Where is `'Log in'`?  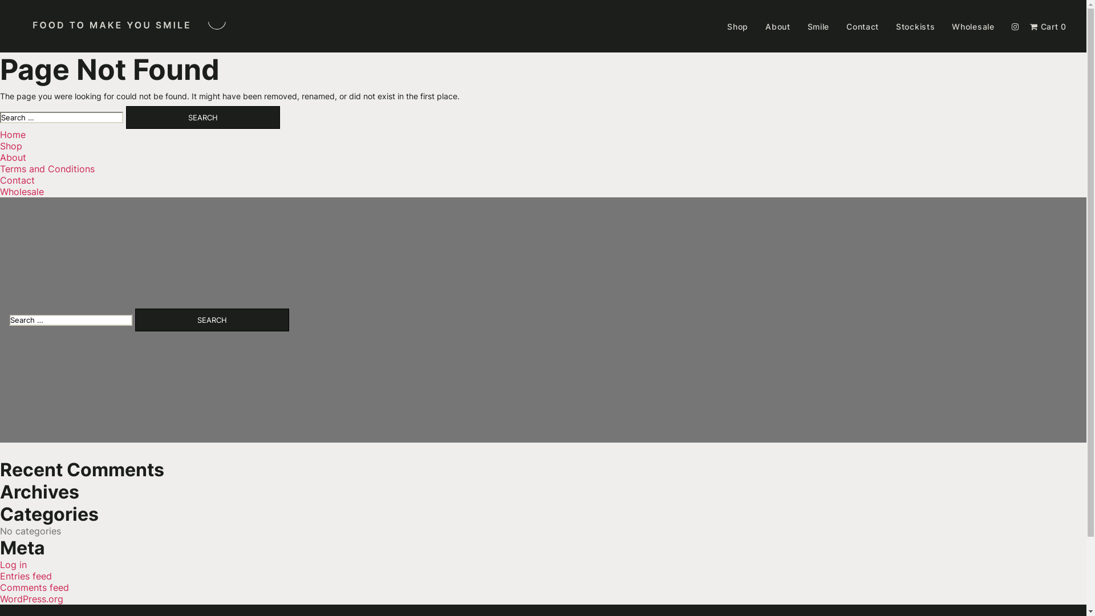
'Log in' is located at coordinates (13, 565).